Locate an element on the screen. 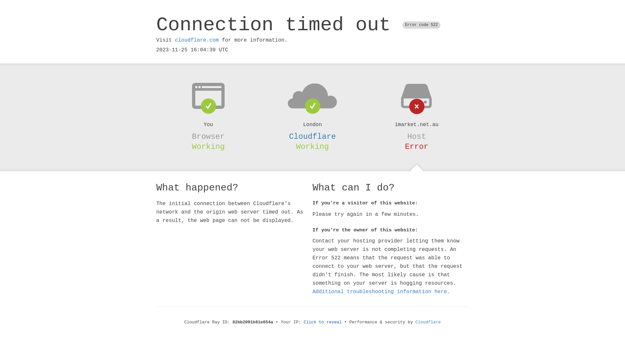 Image resolution: width=625 pixels, height=351 pixels. 'Additional troubleshooting information here.' is located at coordinates (381, 292).